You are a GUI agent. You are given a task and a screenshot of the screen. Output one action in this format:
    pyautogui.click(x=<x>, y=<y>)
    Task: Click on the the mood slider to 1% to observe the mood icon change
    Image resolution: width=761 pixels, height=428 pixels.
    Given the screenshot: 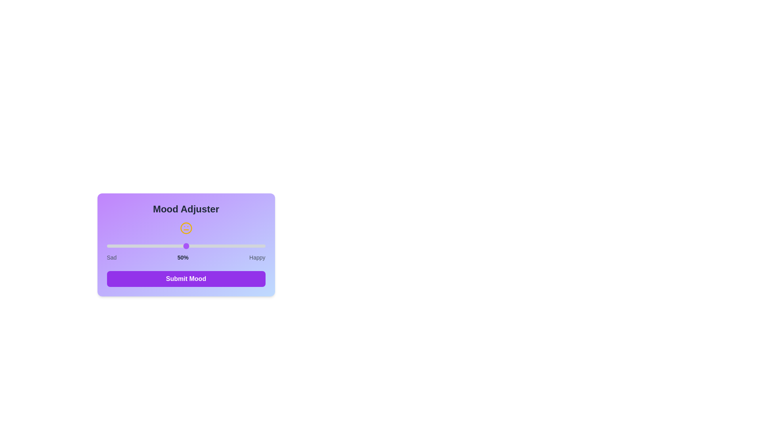 What is the action you would take?
    pyautogui.click(x=108, y=246)
    